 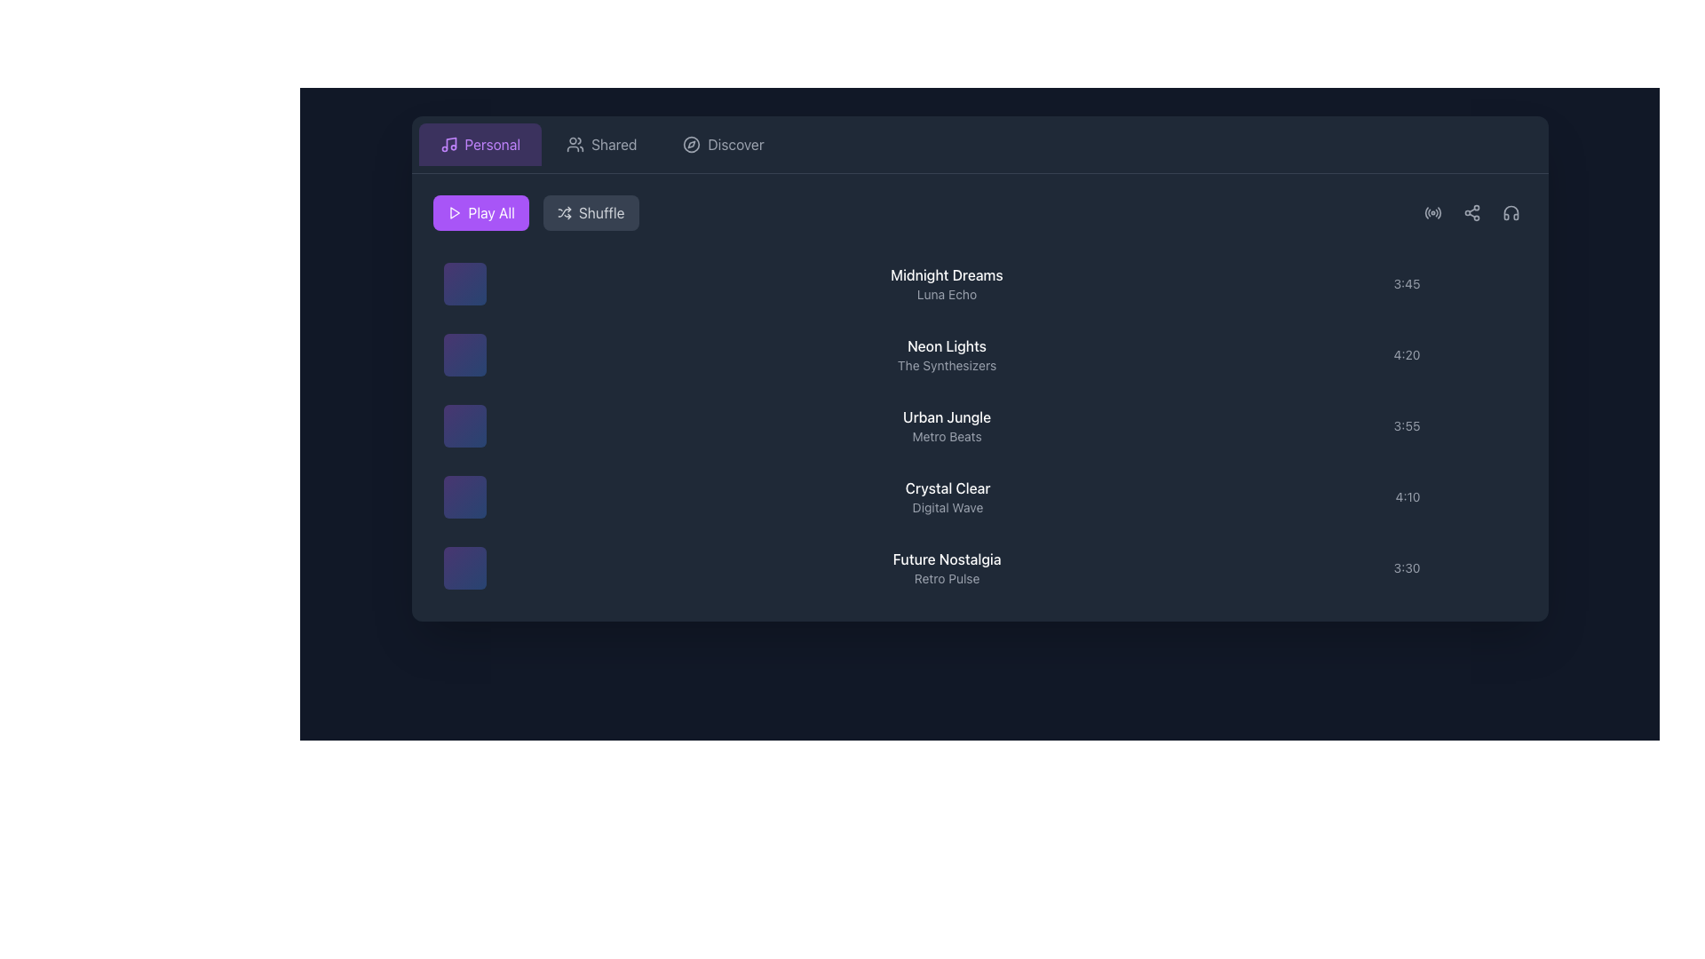 I want to click on the 'Play All' button located at the top-left section of the interface, which is slightly below the 'Personal' tab and to the left of the gray 'Shuffle' button, so click(x=491, y=211).